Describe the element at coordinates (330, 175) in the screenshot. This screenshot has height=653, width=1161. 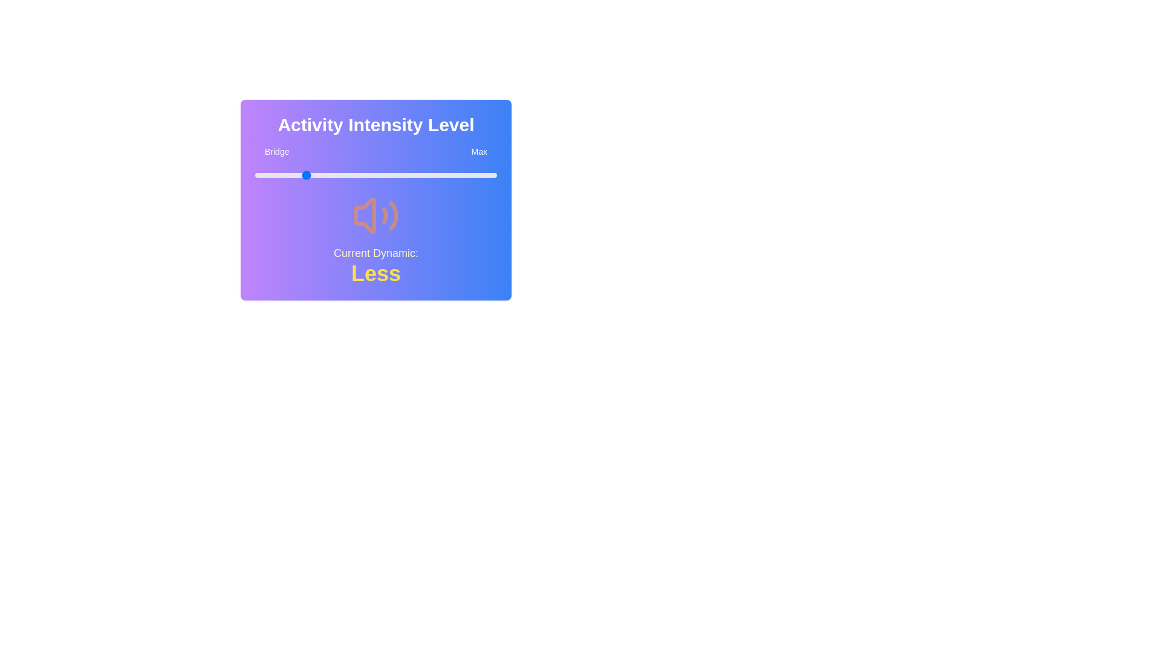
I see `the slider to set the intensity level to 31%` at that location.